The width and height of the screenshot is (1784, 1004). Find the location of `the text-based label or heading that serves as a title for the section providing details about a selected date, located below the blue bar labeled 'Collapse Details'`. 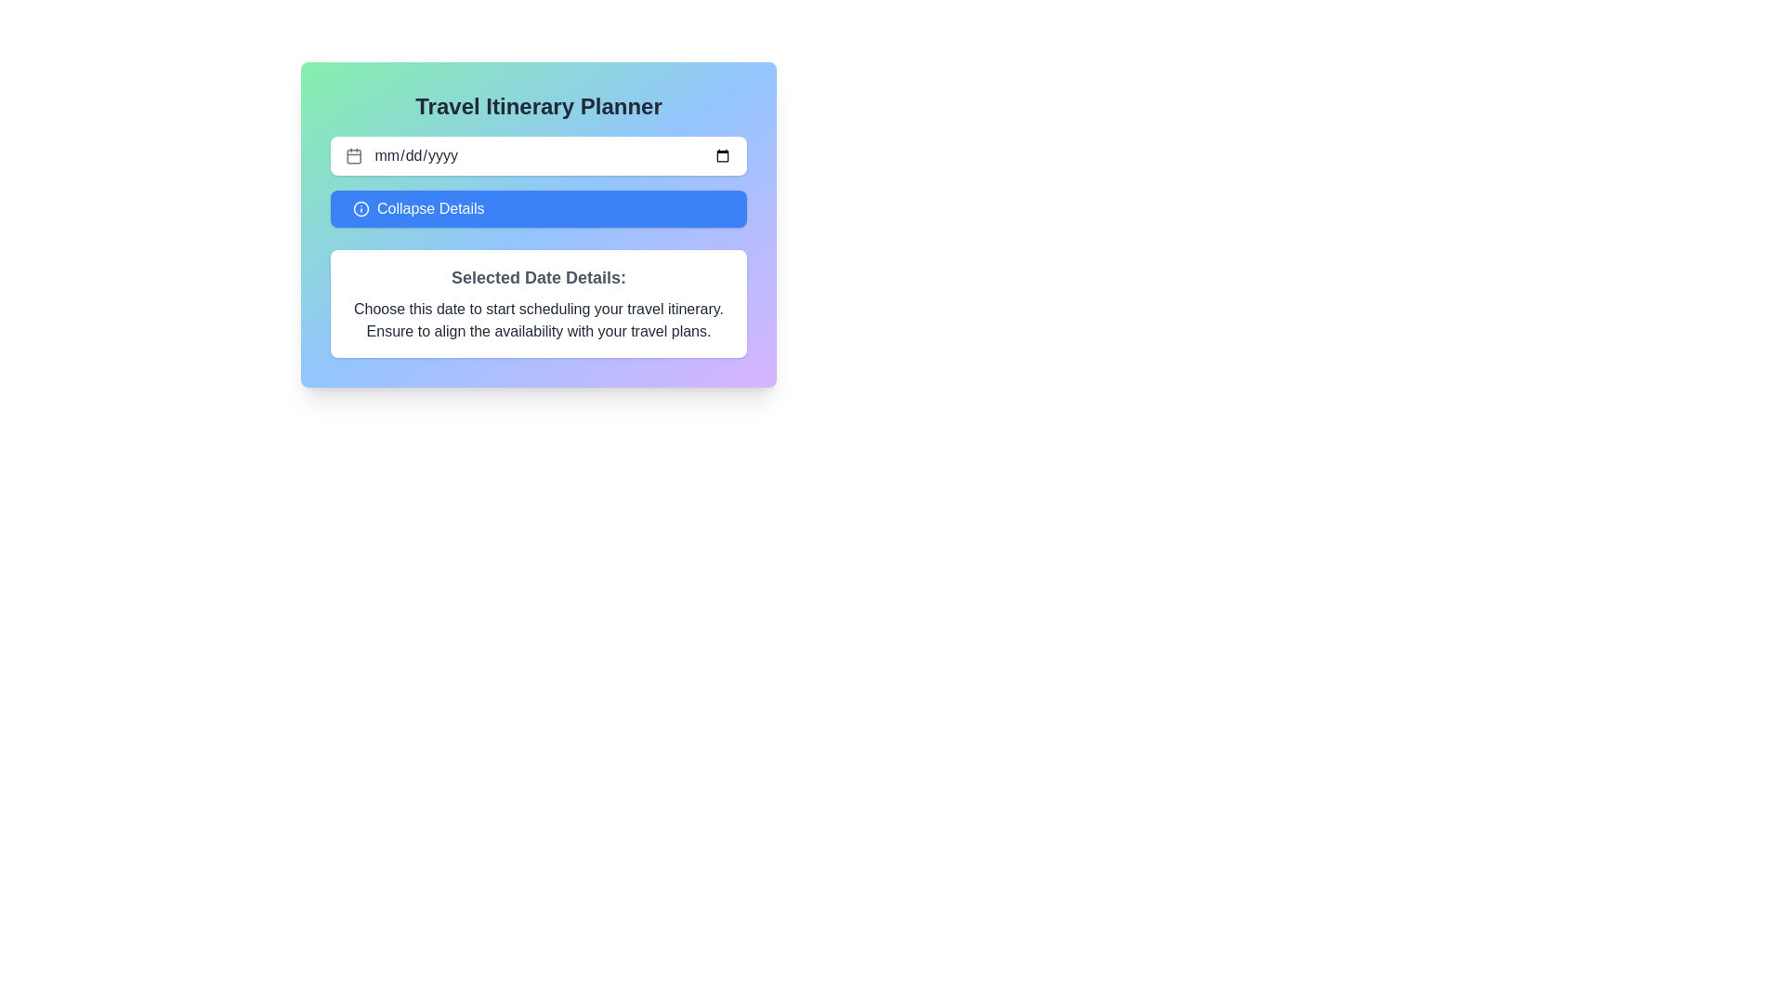

the text-based label or heading that serves as a title for the section providing details about a selected date, located below the blue bar labeled 'Collapse Details' is located at coordinates (538, 278).